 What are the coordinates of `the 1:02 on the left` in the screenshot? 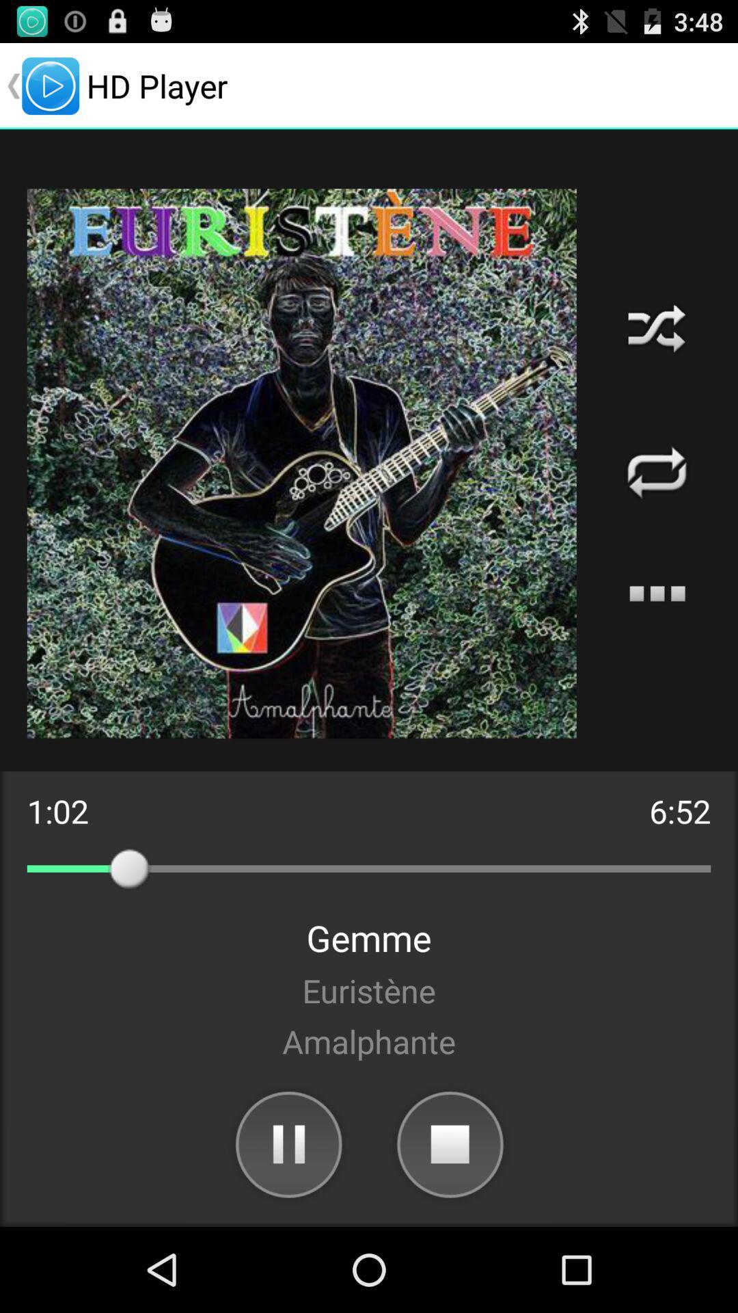 It's located at (57, 811).